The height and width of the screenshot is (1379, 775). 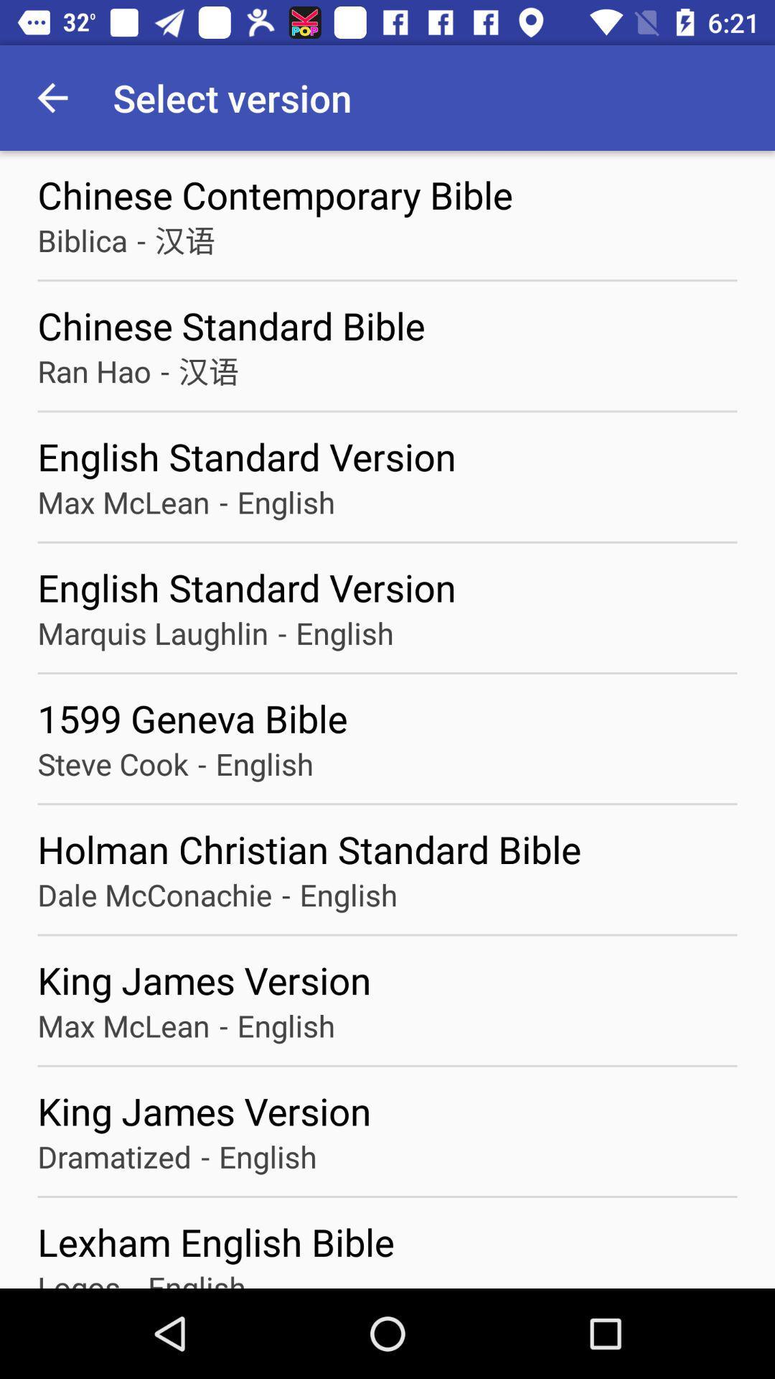 What do you see at coordinates (153, 632) in the screenshot?
I see `item above the 1599 geneva bible icon` at bounding box center [153, 632].